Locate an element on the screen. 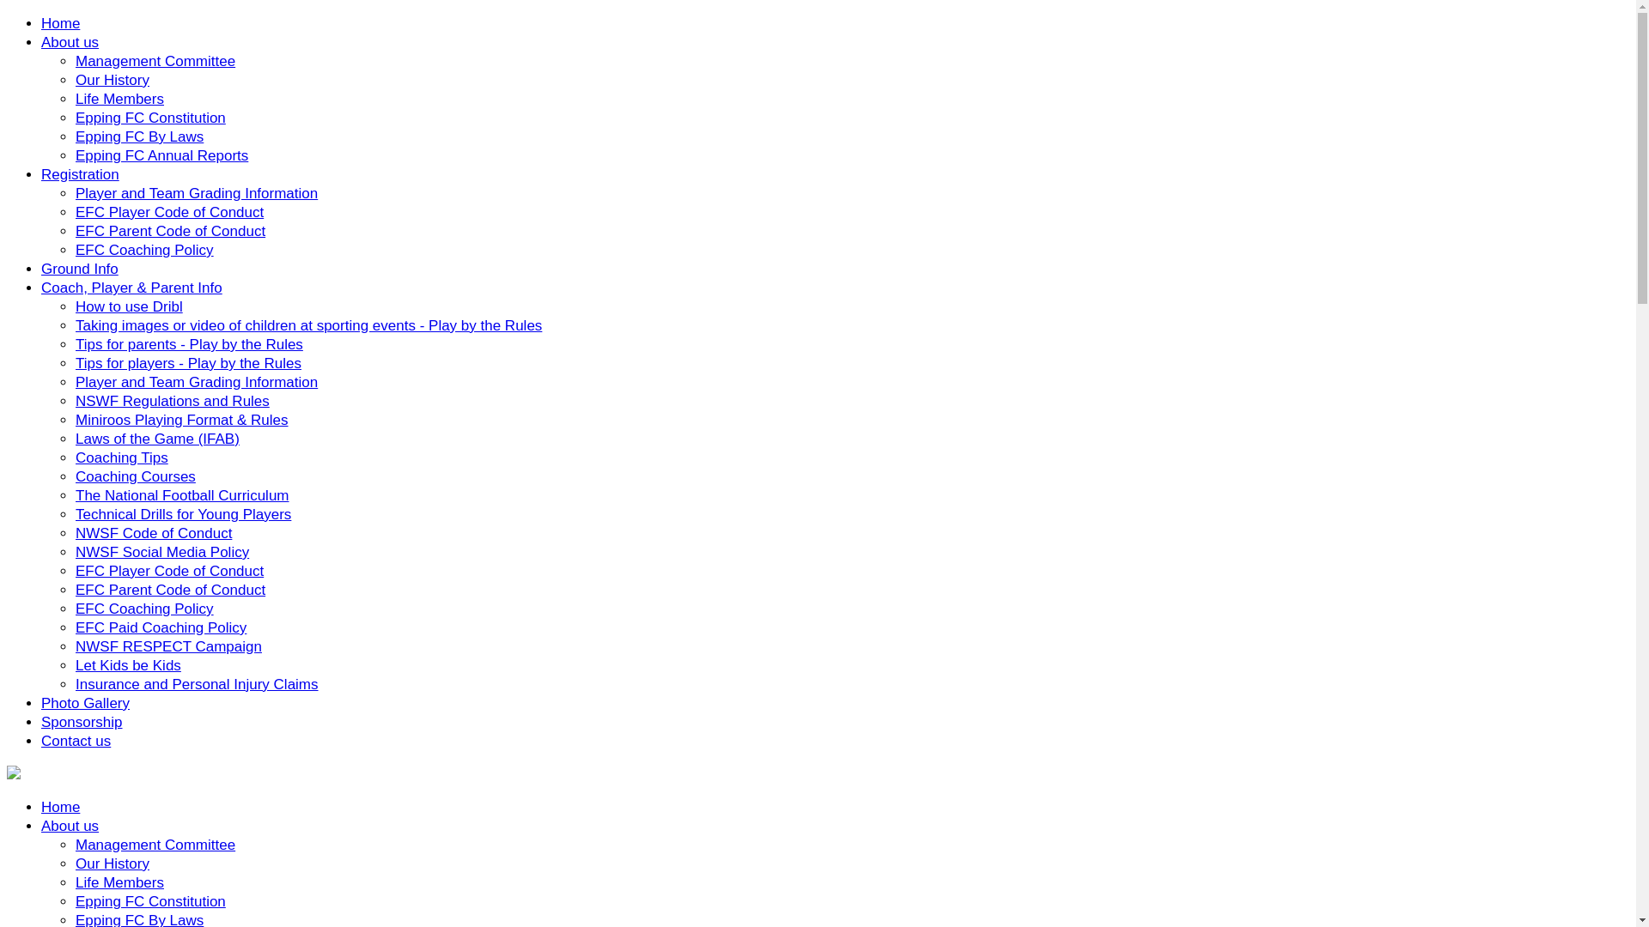  'Management Committee' is located at coordinates (155, 844).